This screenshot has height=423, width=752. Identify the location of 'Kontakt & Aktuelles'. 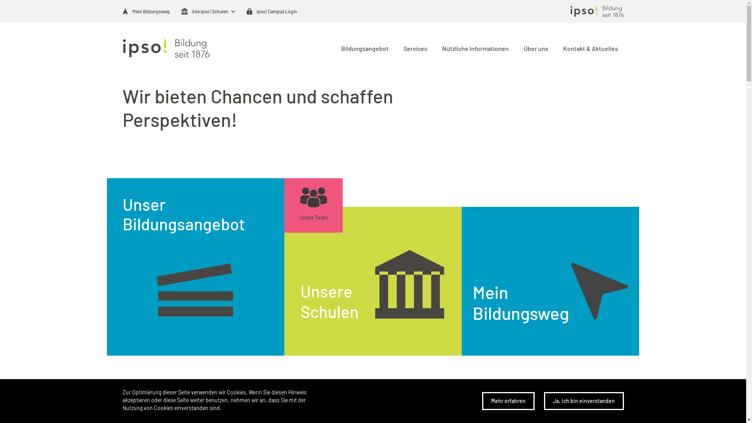
(589, 48).